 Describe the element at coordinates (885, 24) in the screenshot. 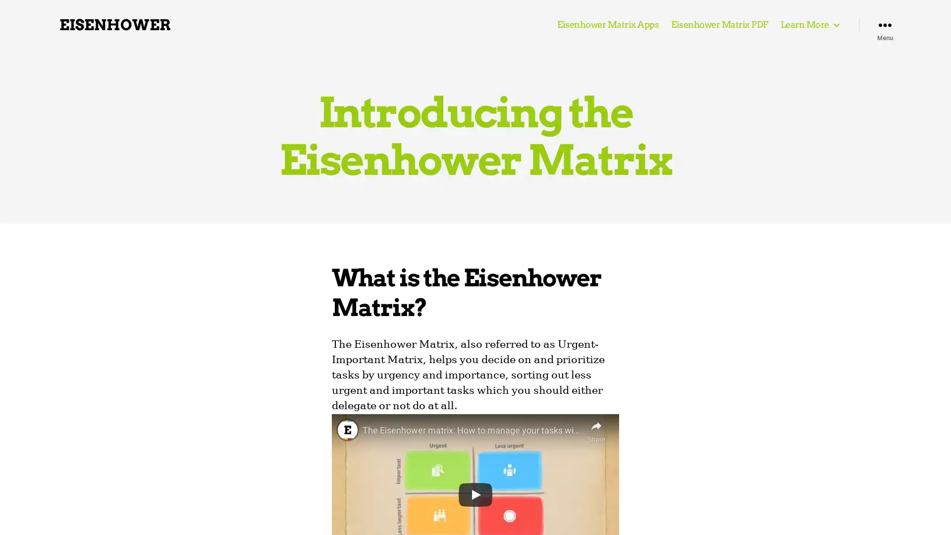

I see `Menu` at that location.